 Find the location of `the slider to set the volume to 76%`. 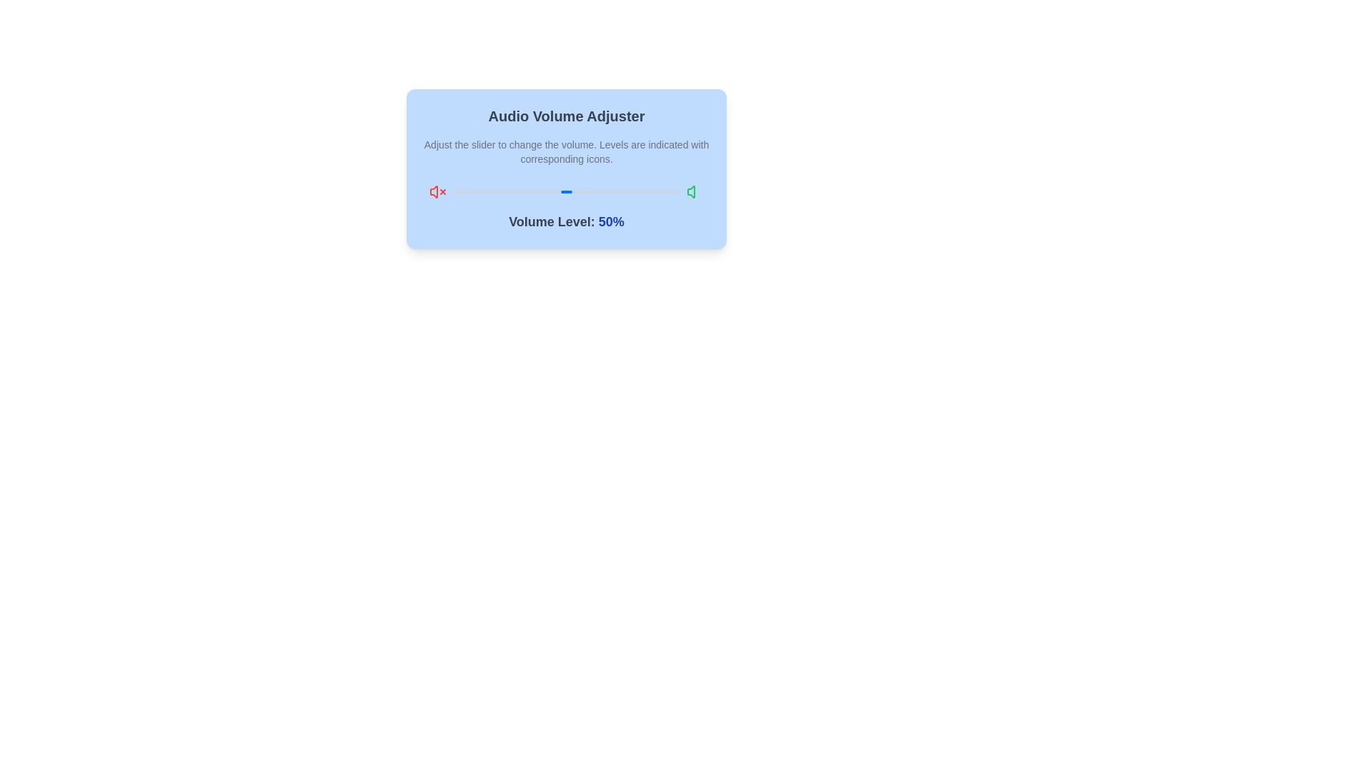

the slider to set the volume to 76% is located at coordinates (626, 191).